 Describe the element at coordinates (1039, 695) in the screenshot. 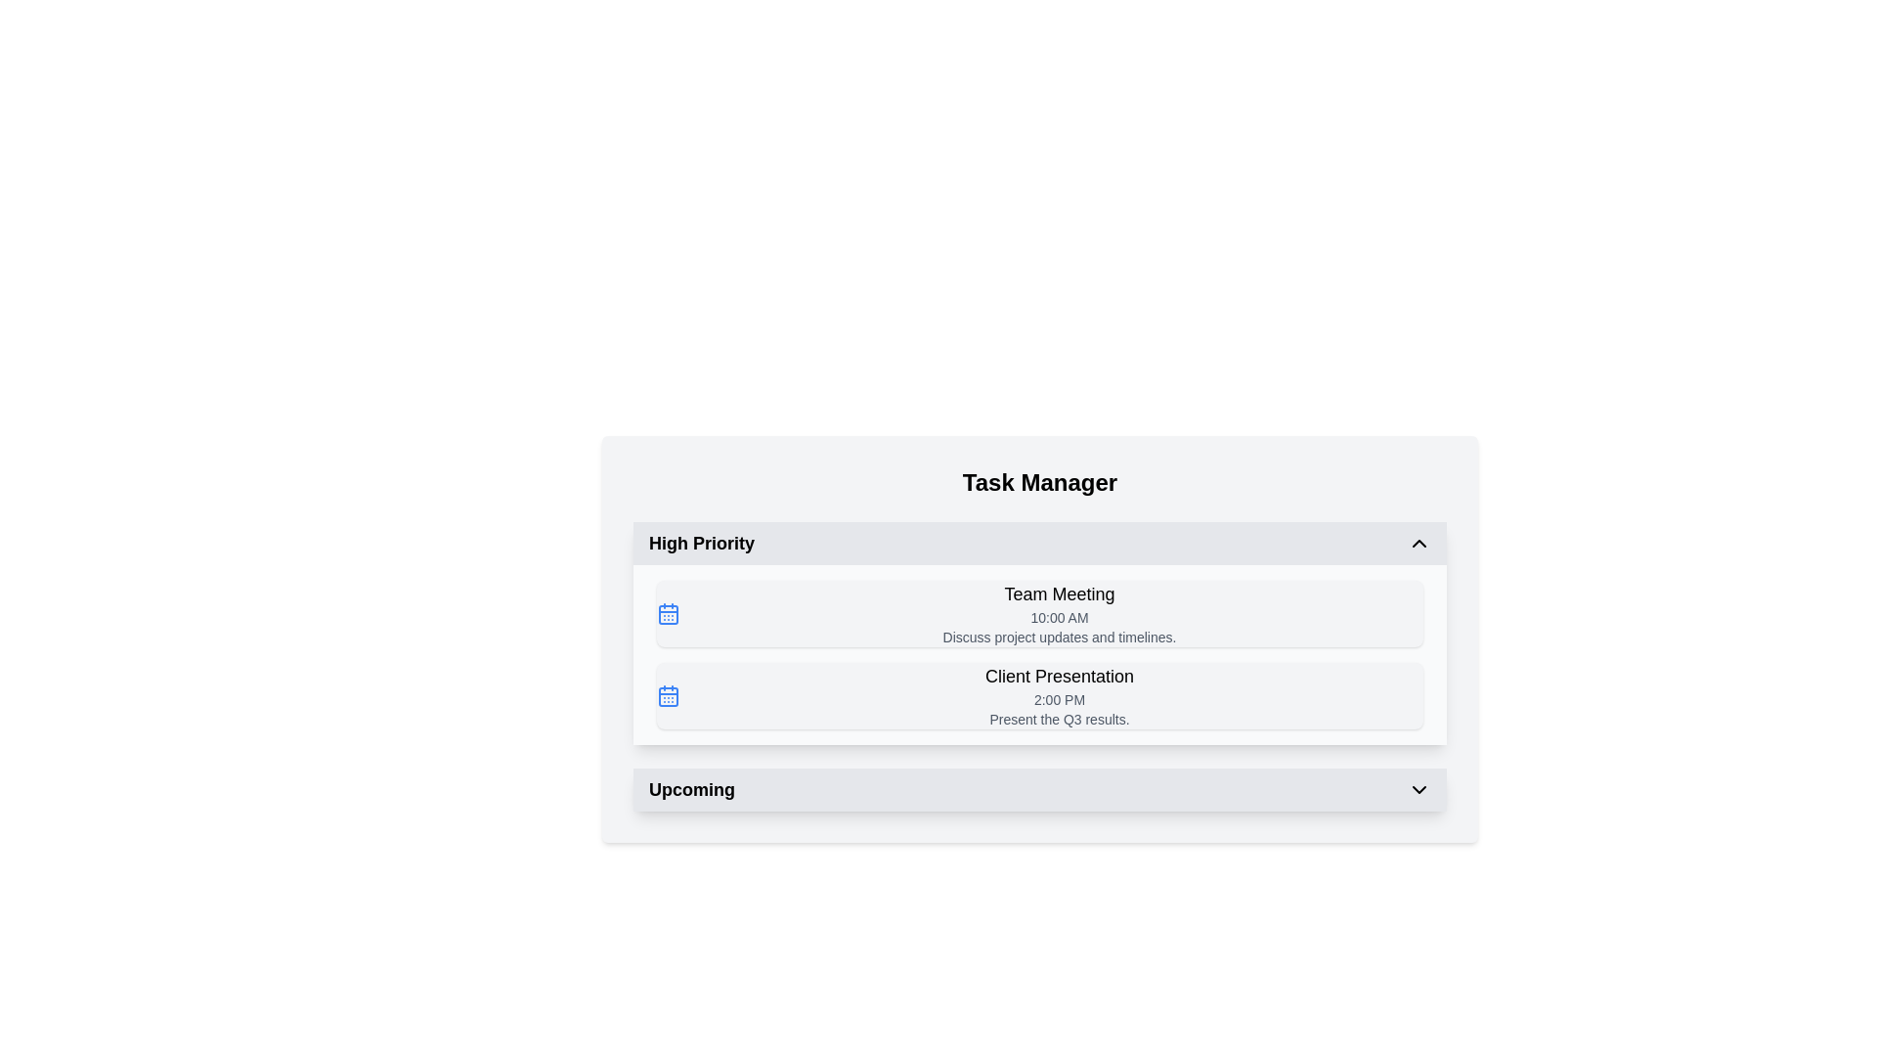

I see `the event details card located in the 'High Priority' section, which is the second card below the 'Team Meeting' card` at that location.